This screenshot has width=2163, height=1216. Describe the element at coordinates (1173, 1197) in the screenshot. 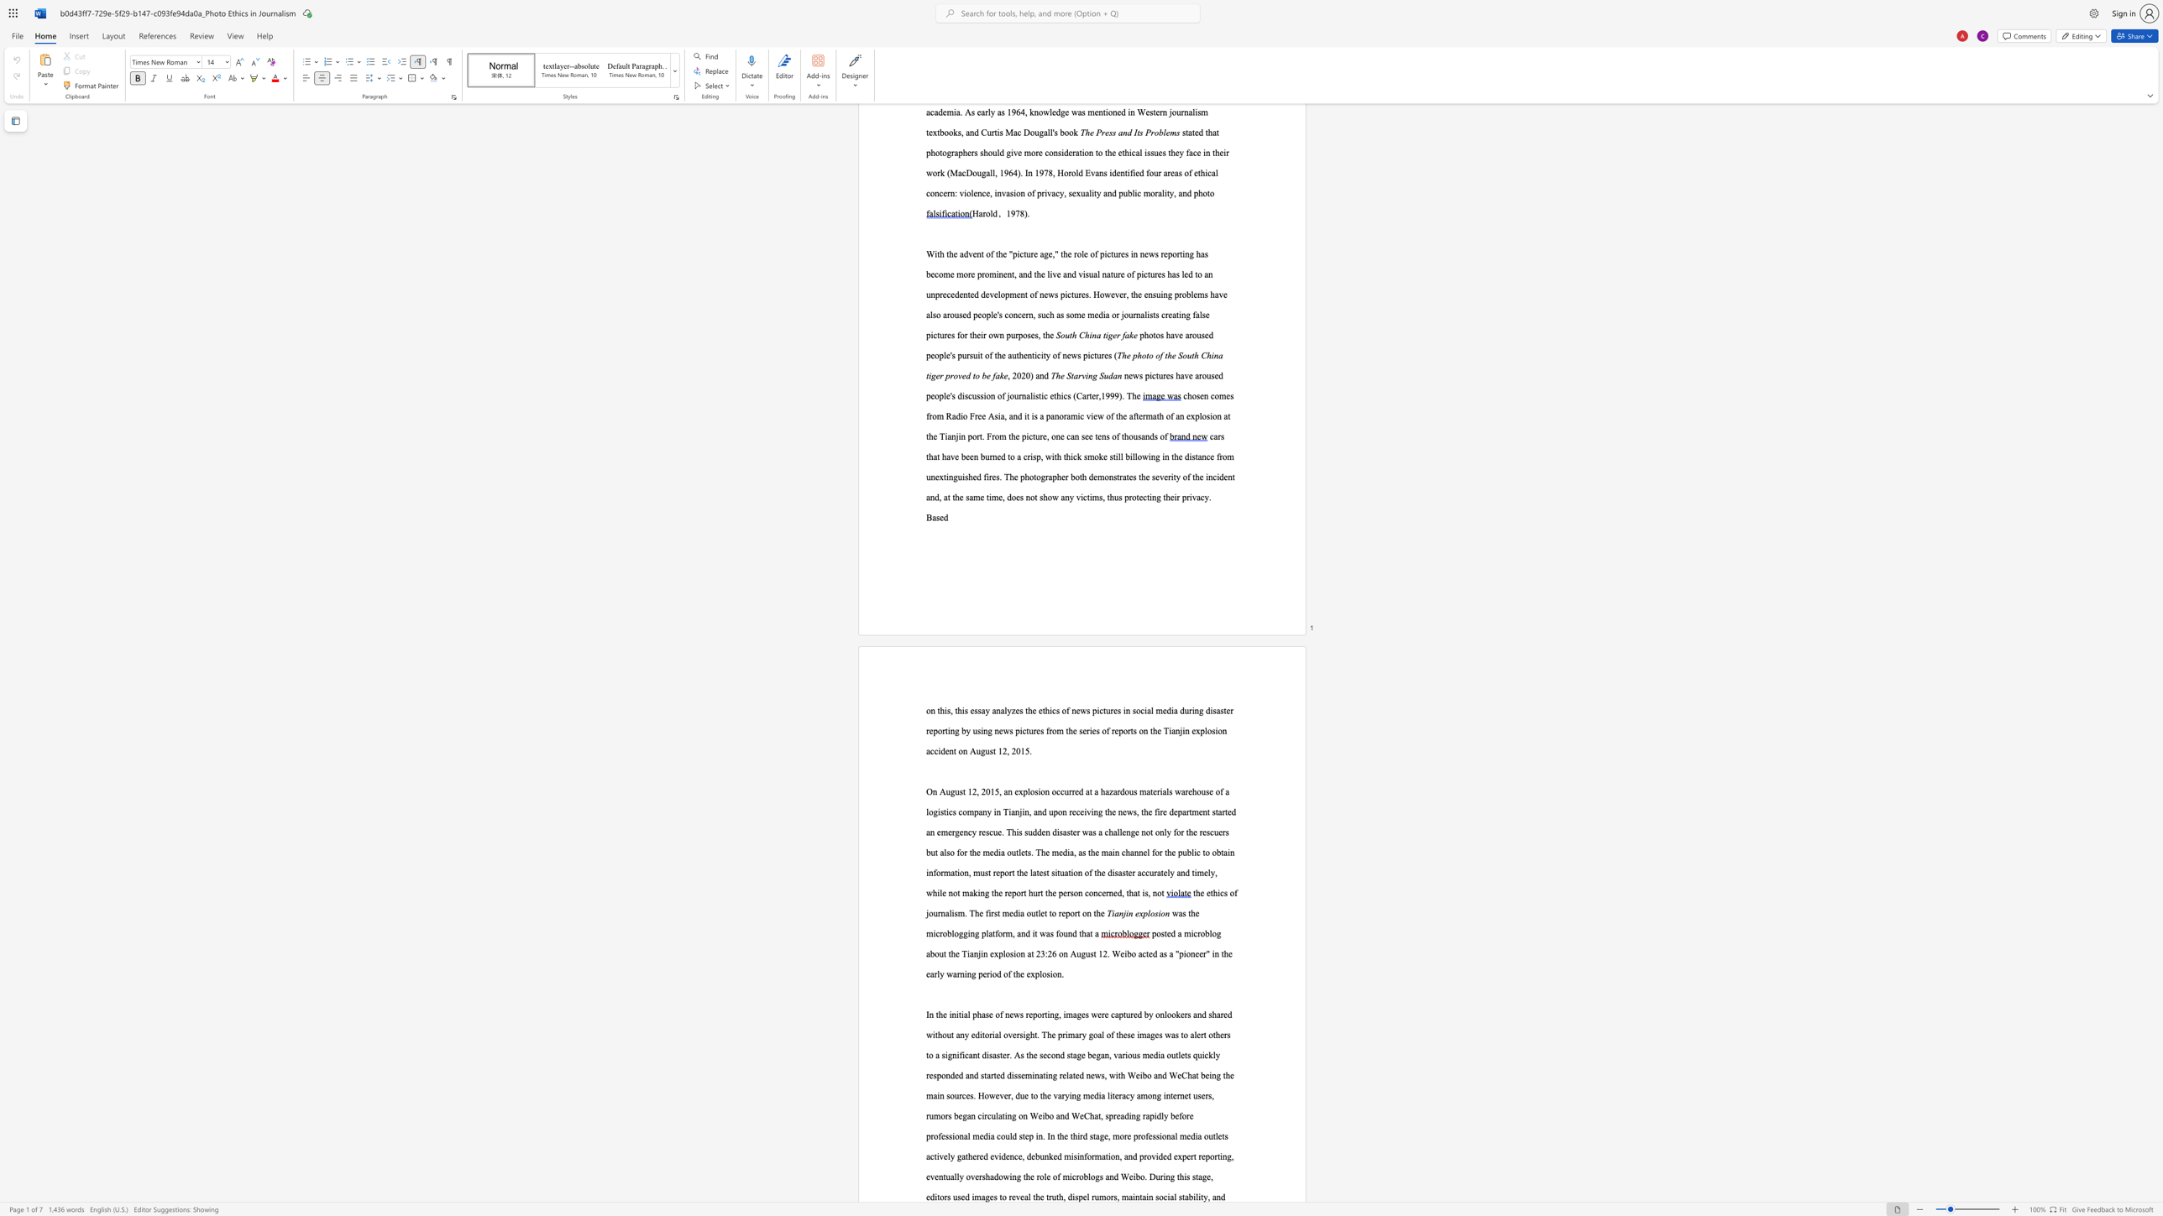

I see `the subset text "l st" within the text "social stability, and"` at that location.